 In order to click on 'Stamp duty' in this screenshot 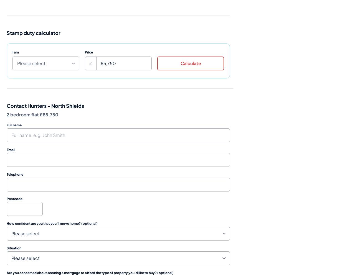, I will do `click(21, 32)`.